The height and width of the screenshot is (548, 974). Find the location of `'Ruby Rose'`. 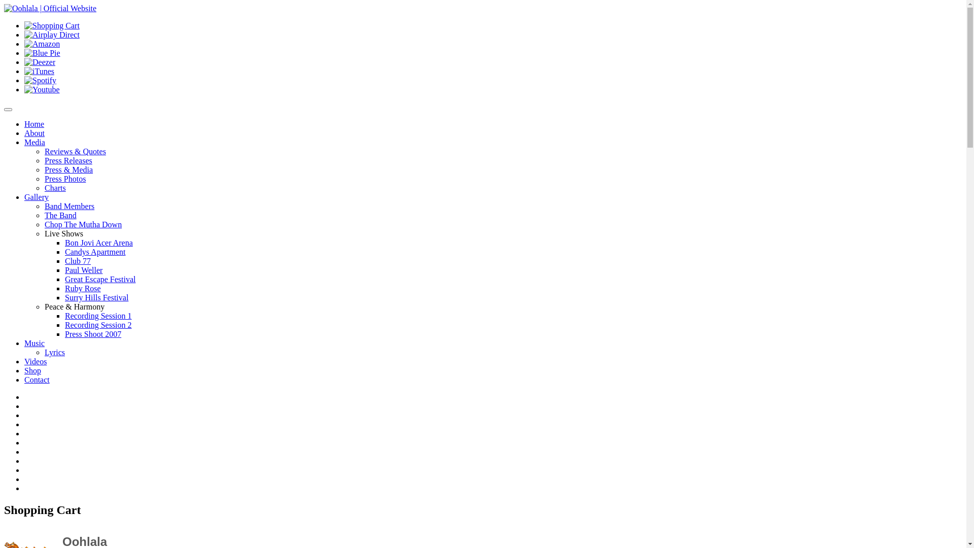

'Ruby Rose' is located at coordinates (64, 288).